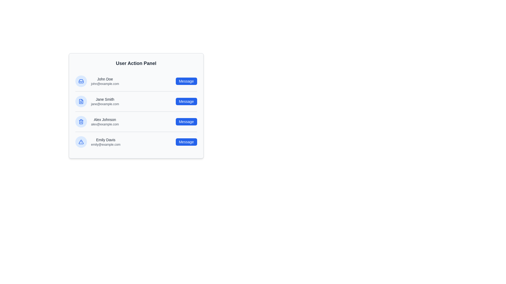  What do you see at coordinates (81, 142) in the screenshot?
I see `the profile icon of Emily Davis` at bounding box center [81, 142].